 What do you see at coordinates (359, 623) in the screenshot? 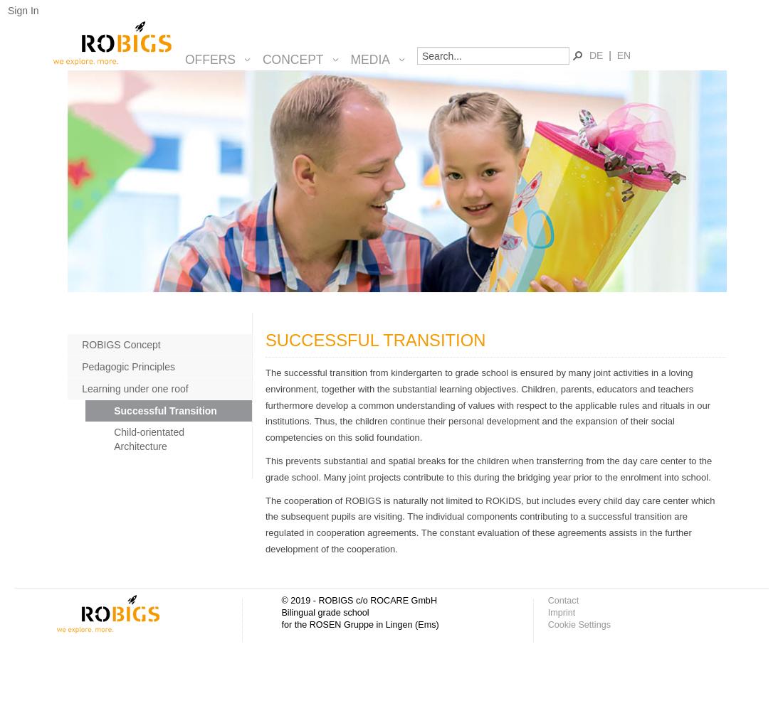
I see `'for the ROSEN Gruppe in Lingen (Ems)'` at bounding box center [359, 623].